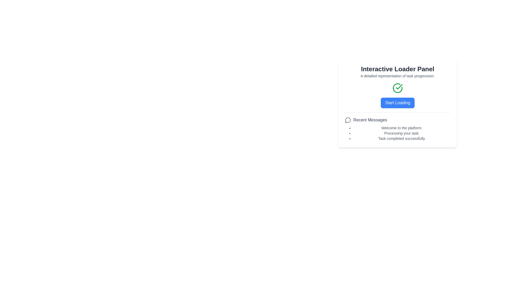  What do you see at coordinates (370, 120) in the screenshot?
I see `the 'Recent Messages' text label, which is styled in gray font and positioned to the right of a speech bubble icon, located near the bottom portion of the UI card` at bounding box center [370, 120].